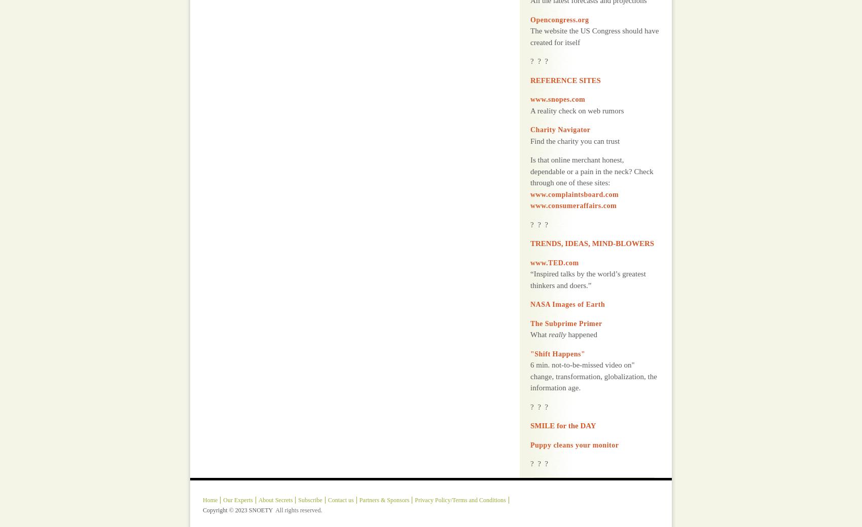  Describe the element at coordinates (274, 474) in the screenshot. I see `'About Secrets'` at that location.